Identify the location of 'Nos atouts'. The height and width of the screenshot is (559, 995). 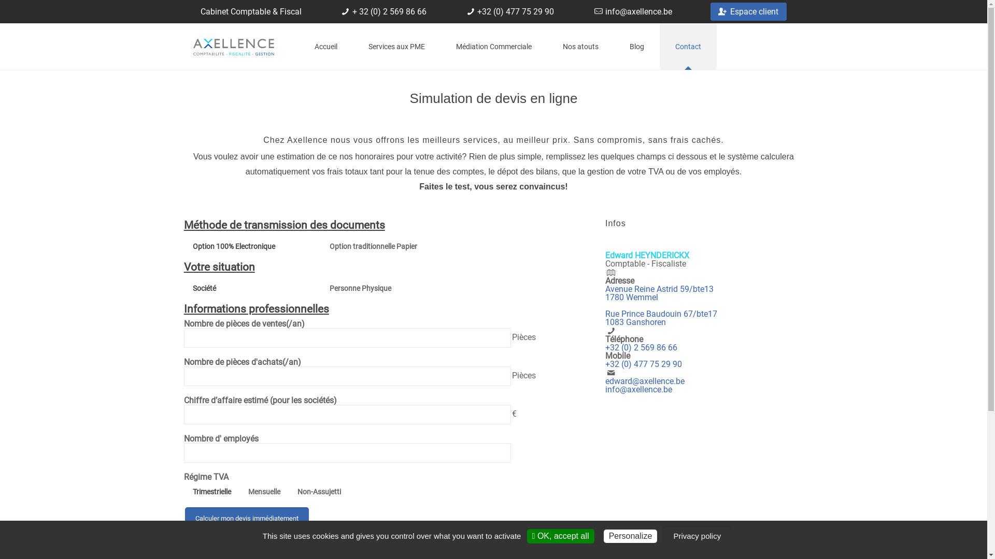
(580, 46).